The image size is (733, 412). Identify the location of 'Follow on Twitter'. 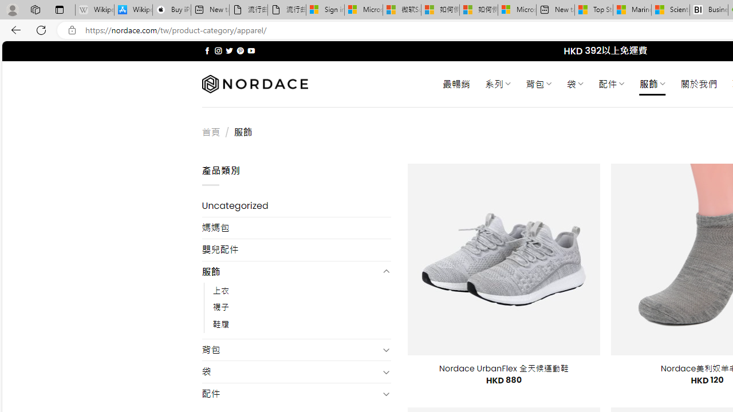
(229, 50).